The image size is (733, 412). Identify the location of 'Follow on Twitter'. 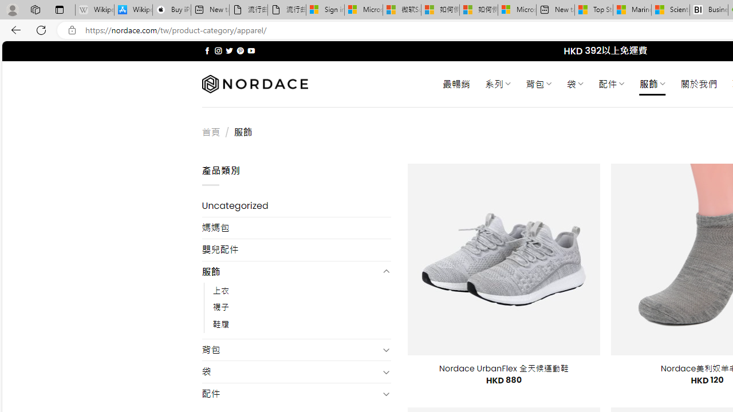
(229, 50).